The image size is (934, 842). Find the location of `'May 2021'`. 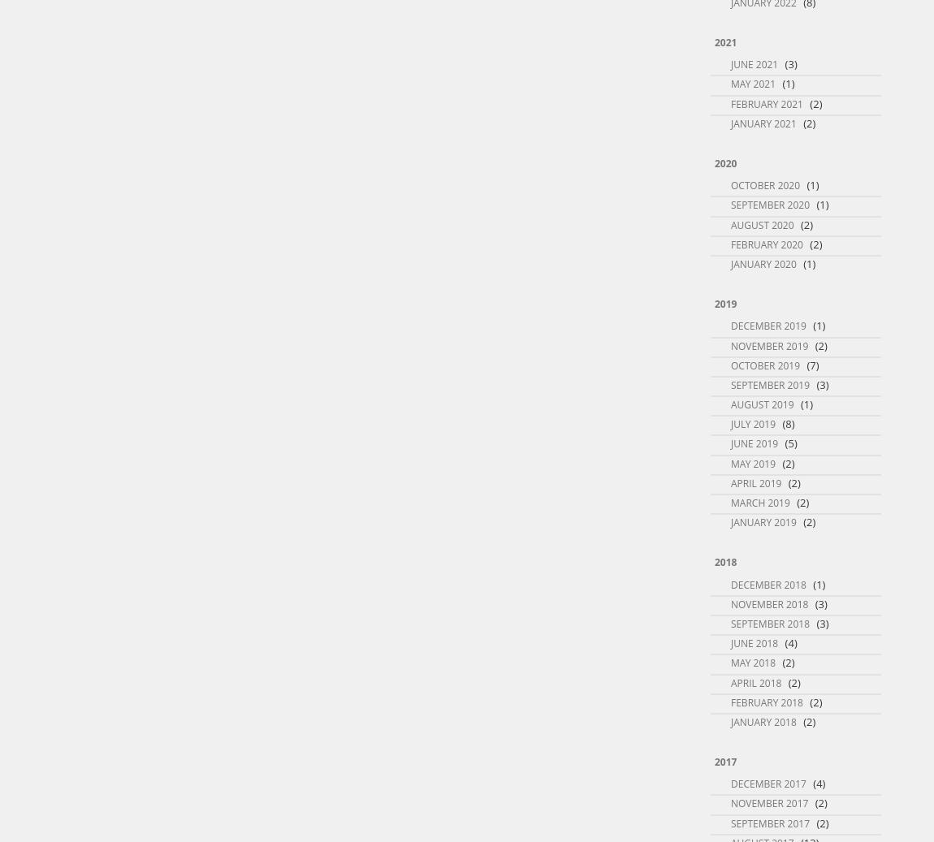

'May 2021' is located at coordinates (753, 83).